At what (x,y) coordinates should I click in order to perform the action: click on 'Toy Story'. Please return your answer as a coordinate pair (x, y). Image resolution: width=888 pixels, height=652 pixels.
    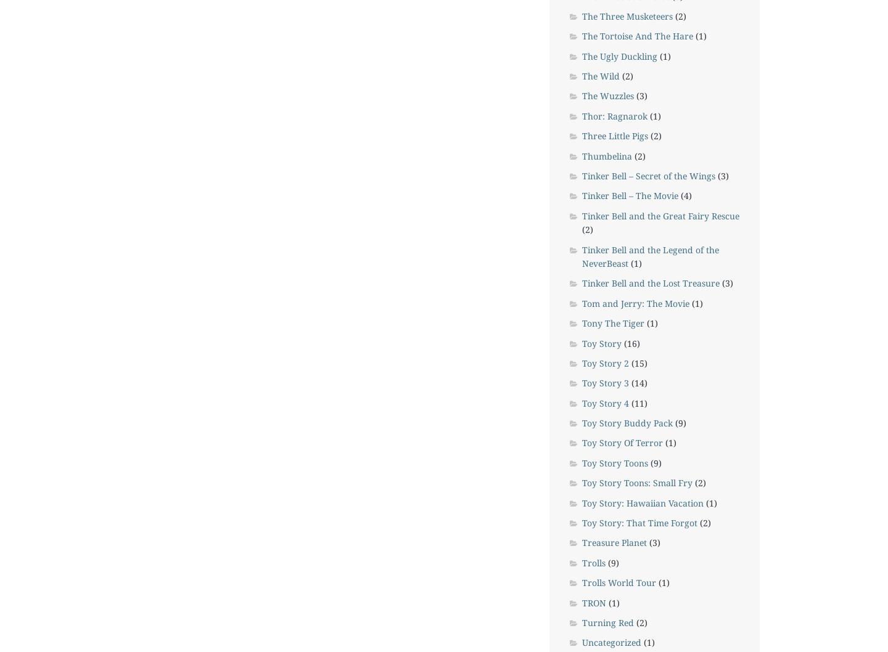
    Looking at the image, I should click on (601, 343).